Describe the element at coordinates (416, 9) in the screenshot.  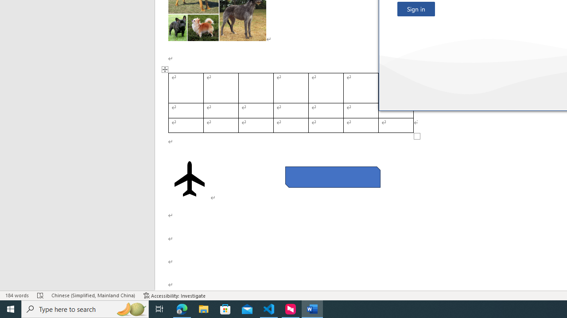
I see `'Sign in'` at that location.